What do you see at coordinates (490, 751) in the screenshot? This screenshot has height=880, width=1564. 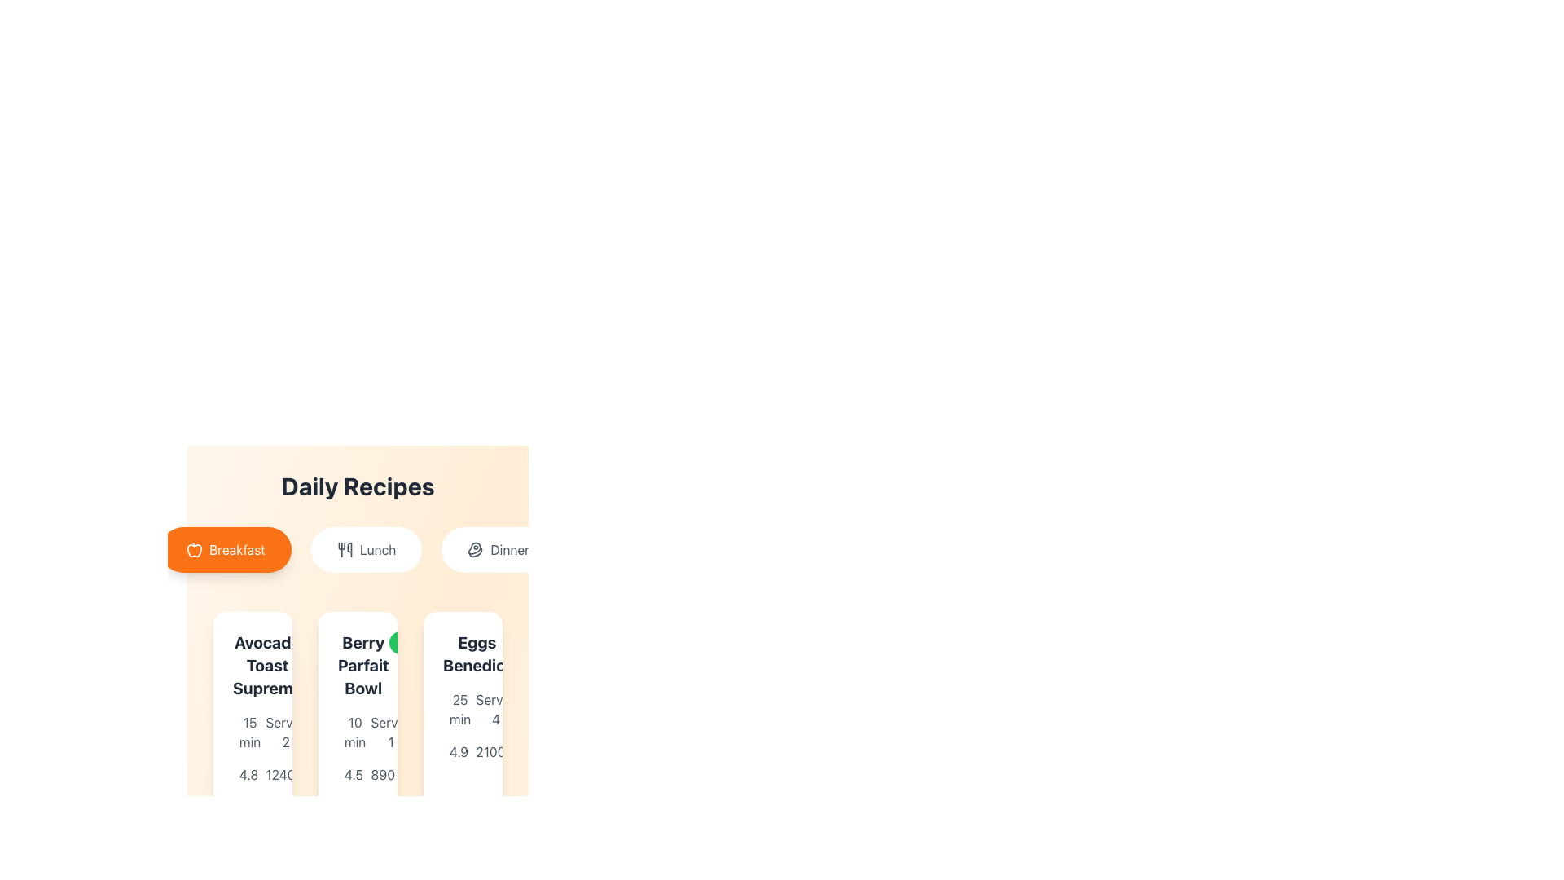 I see `the numerical value displayed in the Text display below the 'Eggs Benedict' recipe title and next` at bounding box center [490, 751].